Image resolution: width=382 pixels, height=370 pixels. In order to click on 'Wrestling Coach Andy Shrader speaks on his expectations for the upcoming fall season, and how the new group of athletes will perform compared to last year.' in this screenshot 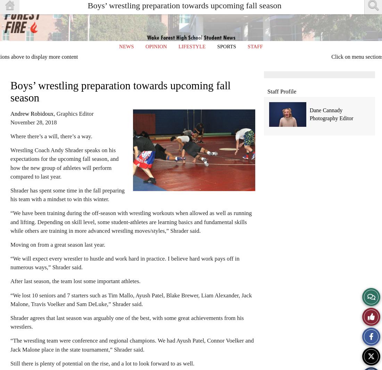, I will do `click(10, 163)`.